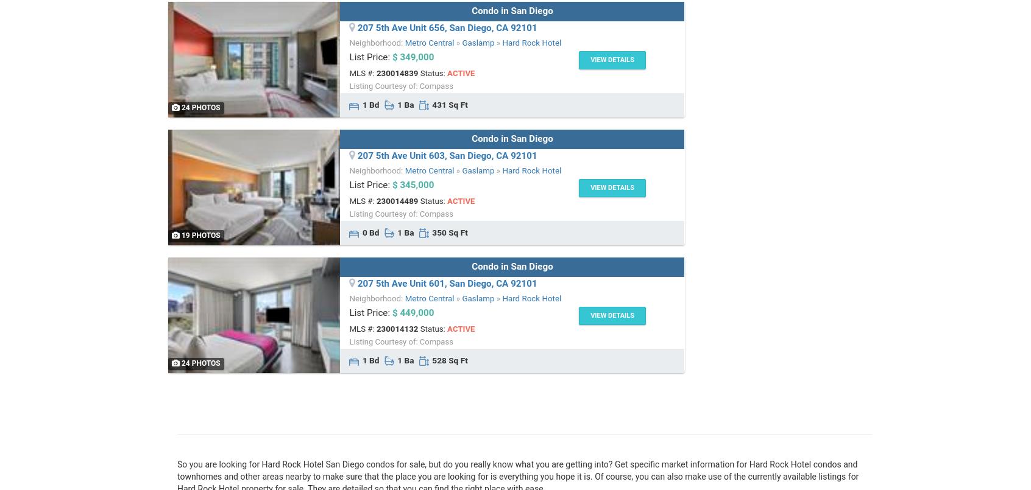 This screenshot has width=1031, height=490. What do you see at coordinates (369, 232) in the screenshot?
I see `'0 Bd'` at bounding box center [369, 232].